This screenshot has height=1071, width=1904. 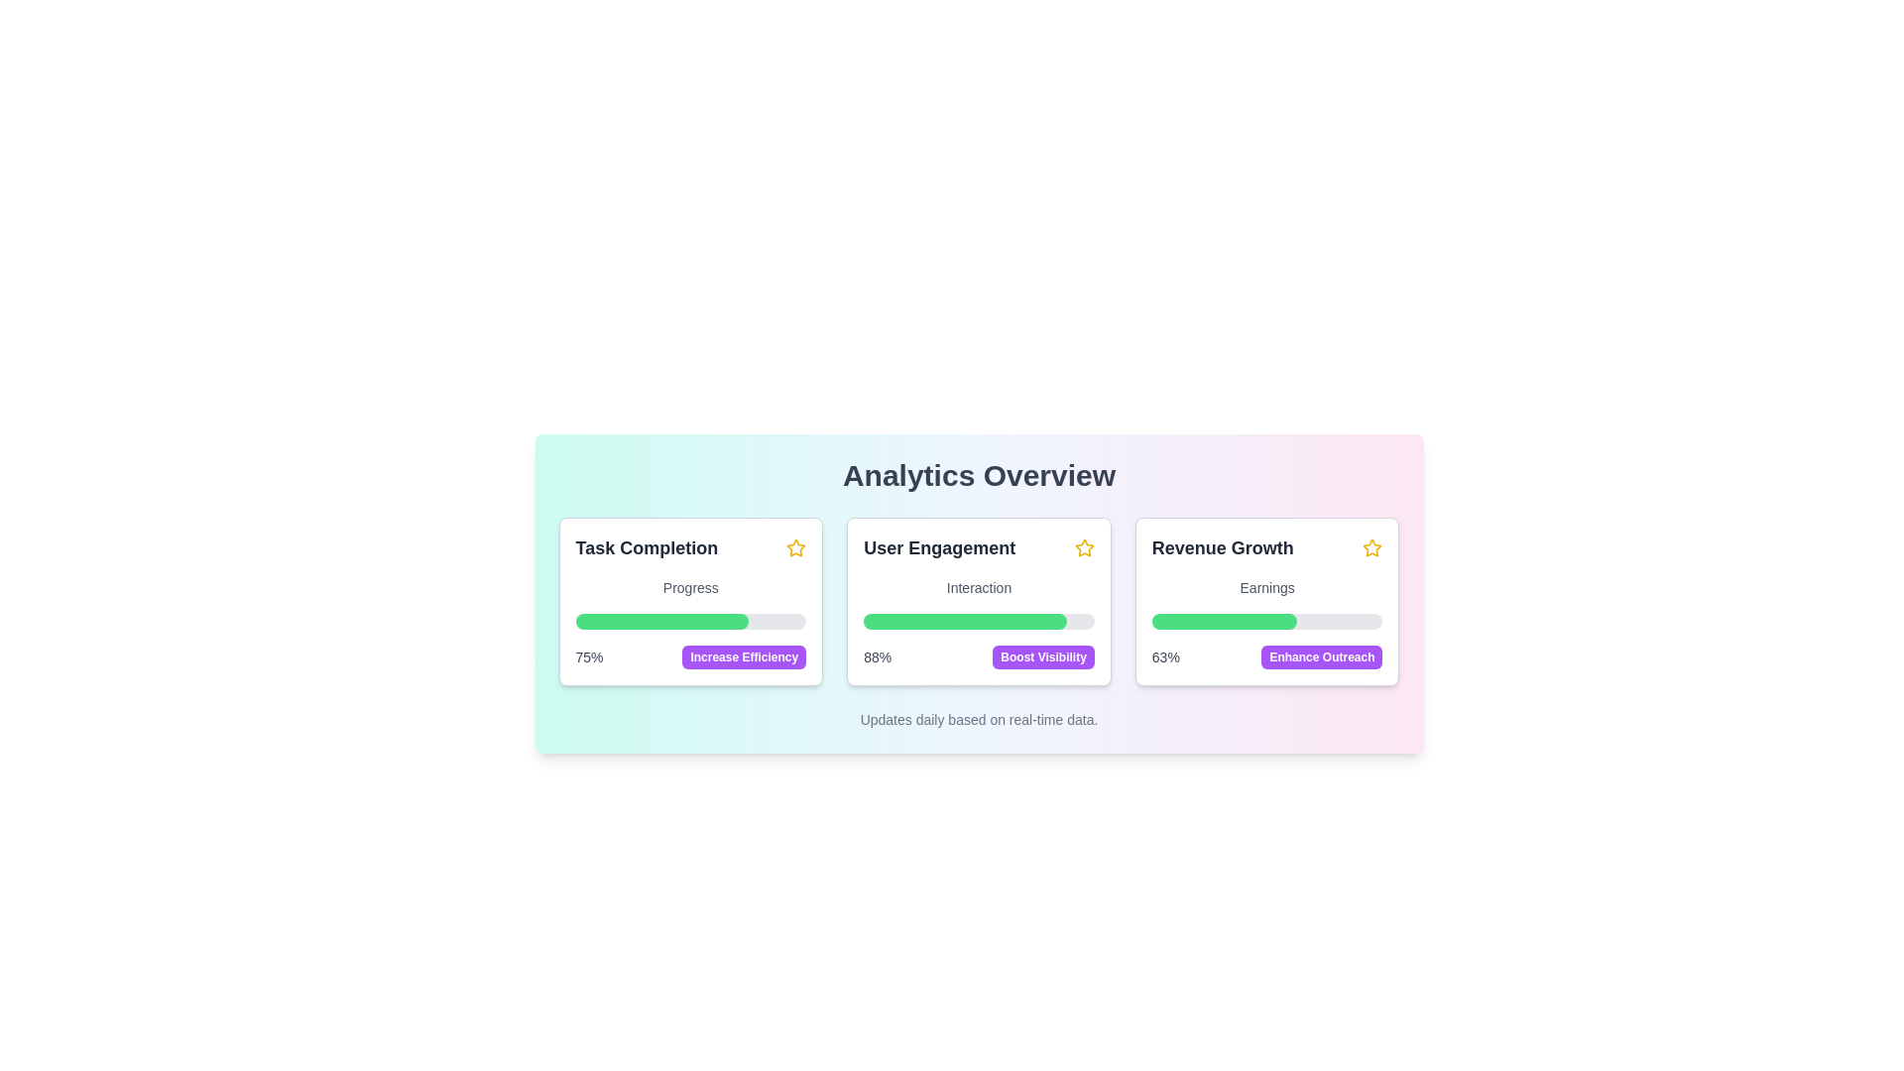 I want to click on the 'Enhance Outreach' button in the 'Revenue Growth' card under 'Analytics Overview', so click(x=1266, y=657).